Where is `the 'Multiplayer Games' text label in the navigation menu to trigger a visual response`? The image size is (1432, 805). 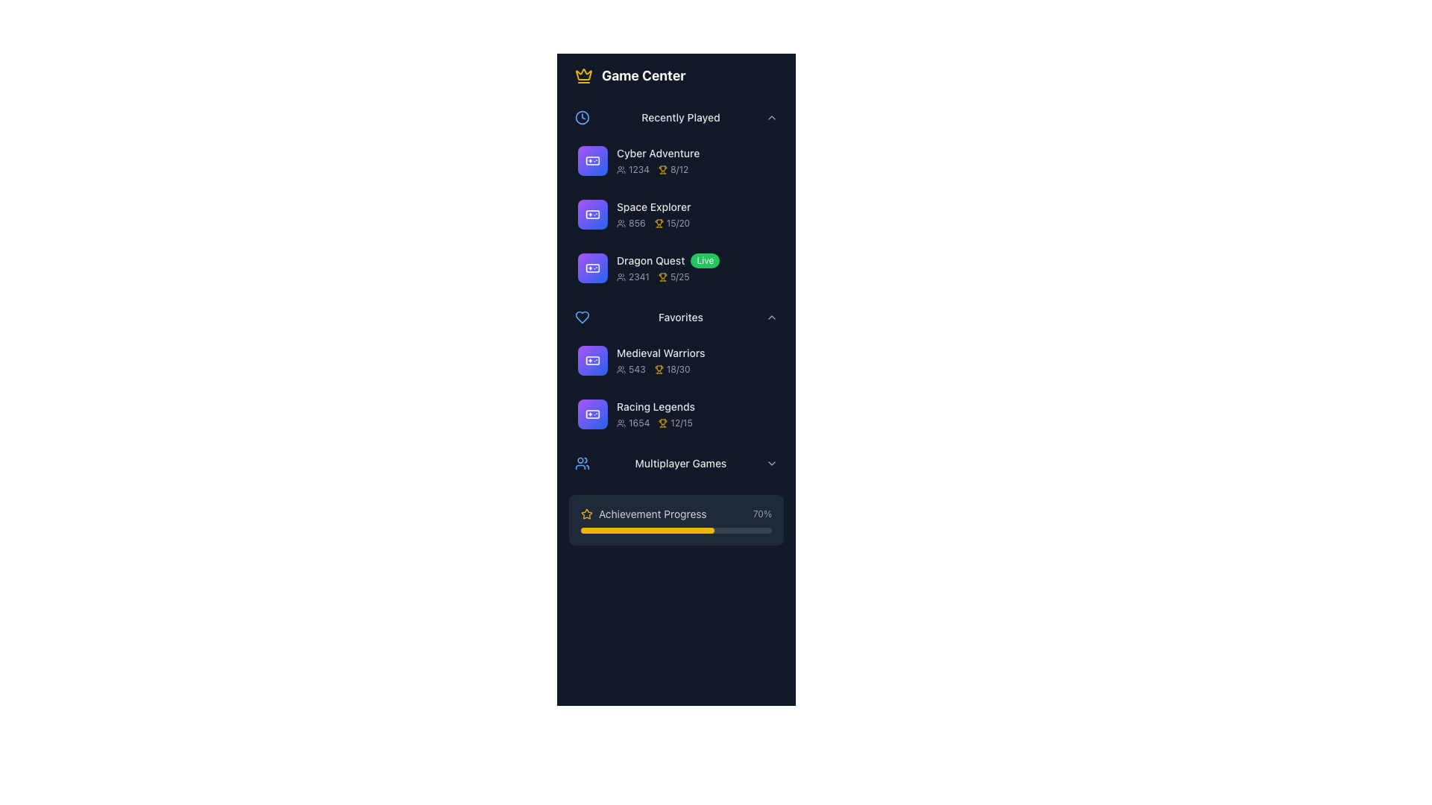
the 'Multiplayer Games' text label in the navigation menu to trigger a visual response is located at coordinates (679, 462).